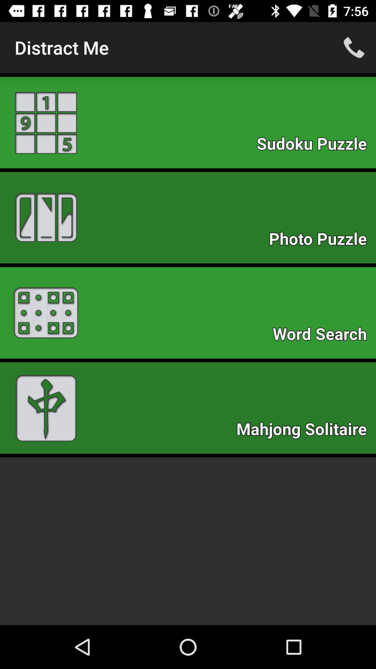  I want to click on sudoku puzzle item, so click(315, 145).